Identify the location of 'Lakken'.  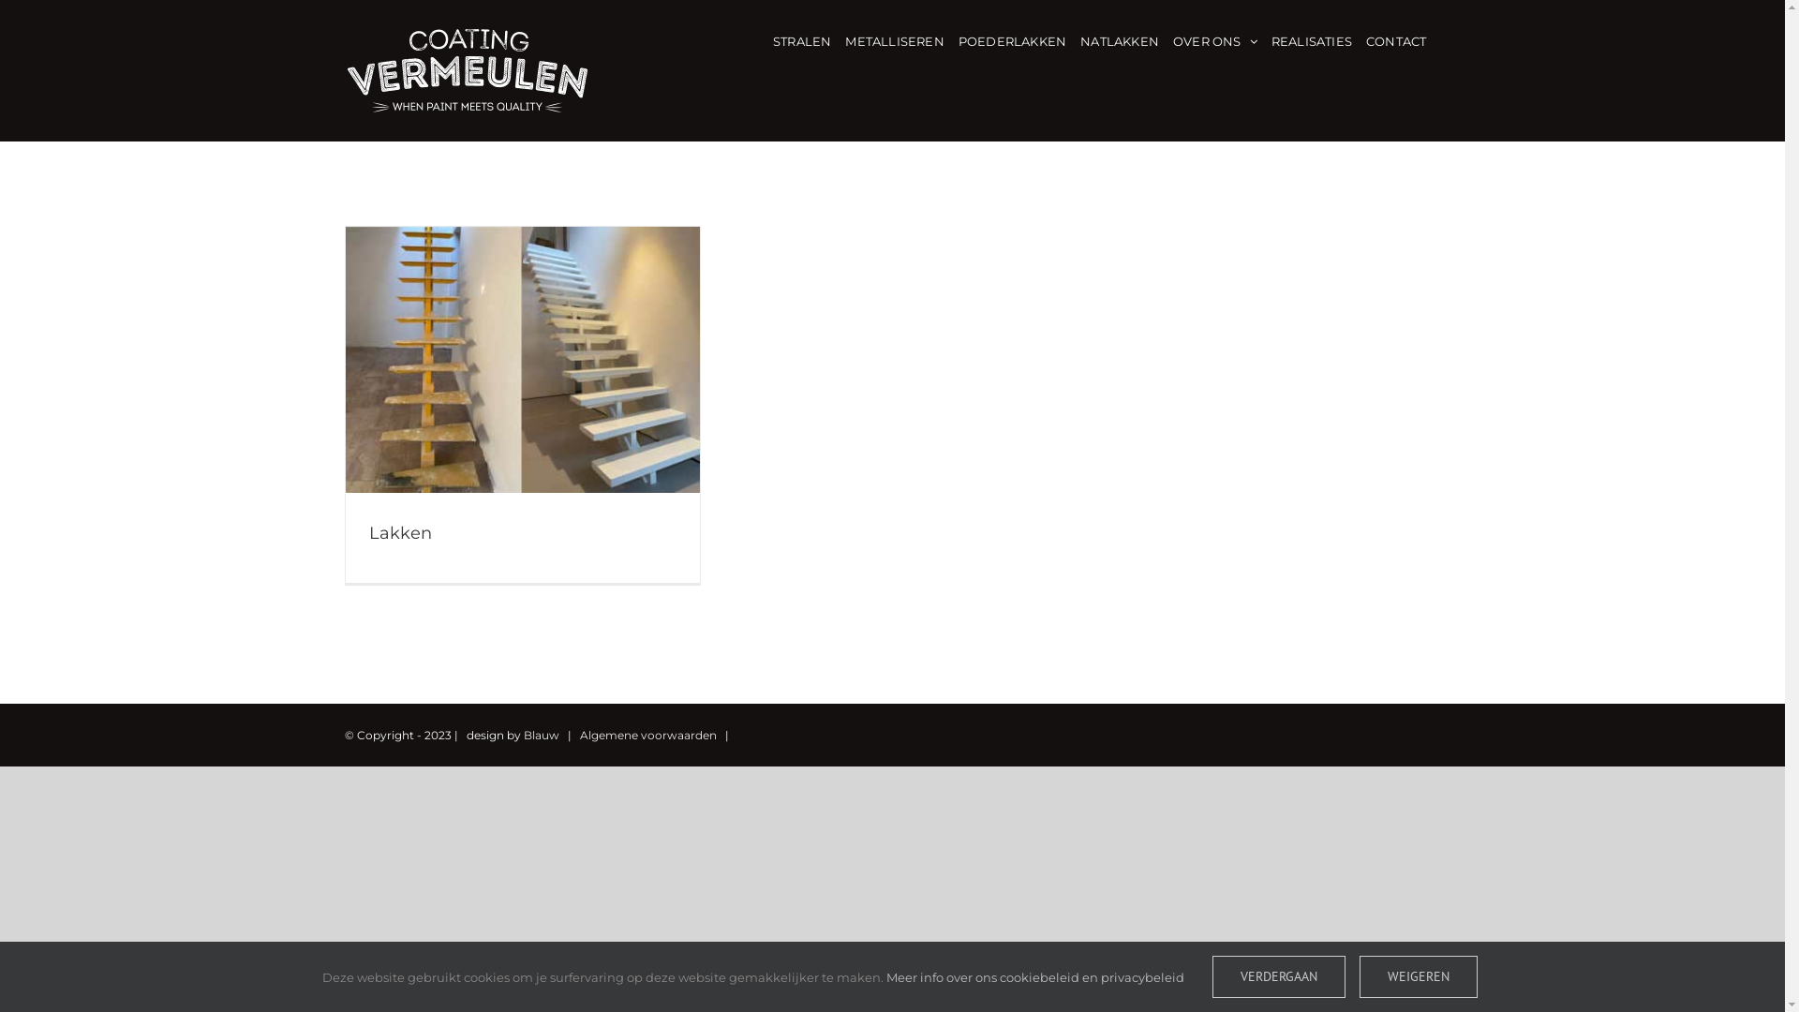
(399, 533).